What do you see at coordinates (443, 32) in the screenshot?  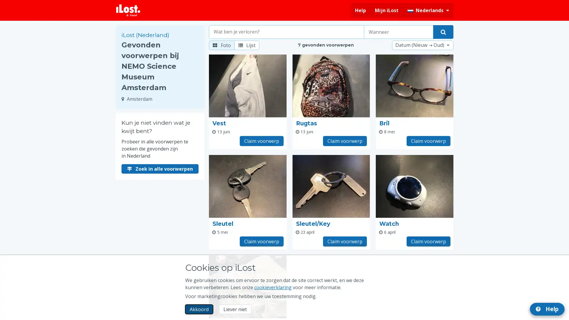 I see `Vind je voorwerp` at bounding box center [443, 32].